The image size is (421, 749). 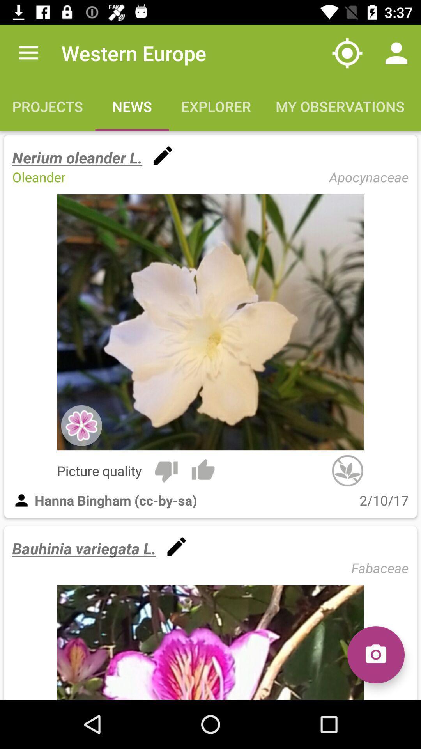 I want to click on icon above the projects item, so click(x=28, y=53).